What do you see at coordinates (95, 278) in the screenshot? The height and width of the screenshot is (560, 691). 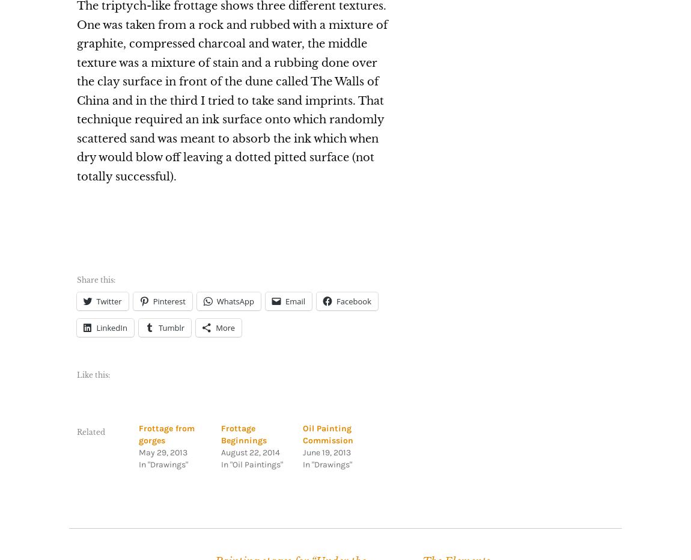 I see `'Share this:'` at bounding box center [95, 278].